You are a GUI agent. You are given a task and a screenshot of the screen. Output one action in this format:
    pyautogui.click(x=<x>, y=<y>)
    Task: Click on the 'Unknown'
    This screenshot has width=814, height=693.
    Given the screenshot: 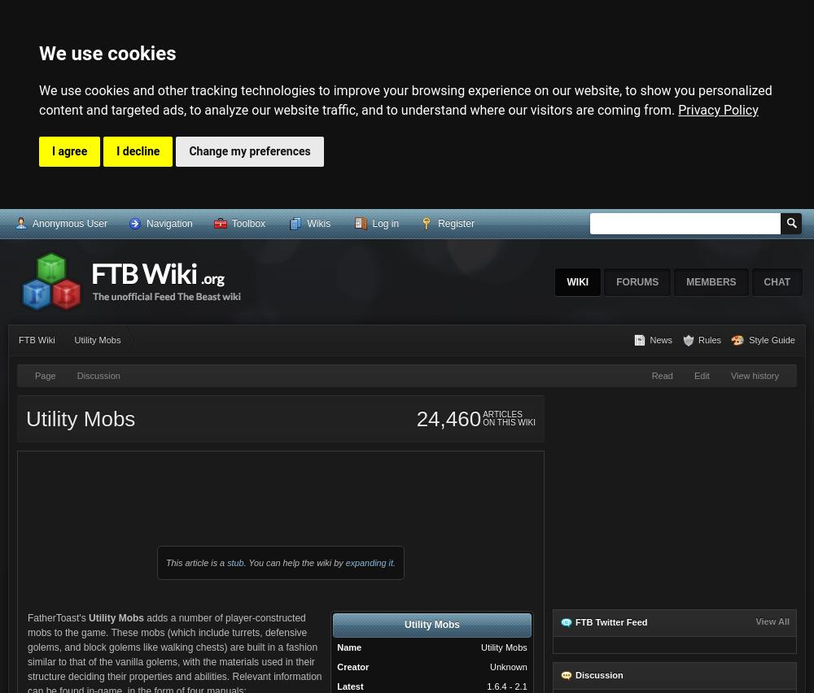 What is the action you would take?
    pyautogui.click(x=507, y=666)
    